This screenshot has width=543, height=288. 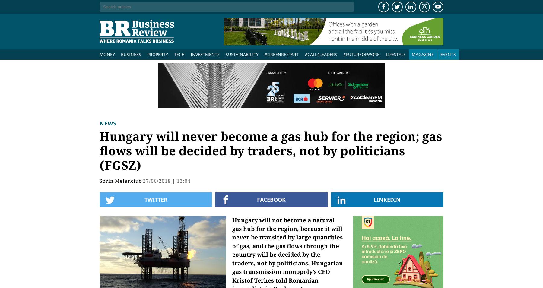 What do you see at coordinates (166, 181) in the screenshot?
I see `'27/06/2018 | 13:04'` at bounding box center [166, 181].